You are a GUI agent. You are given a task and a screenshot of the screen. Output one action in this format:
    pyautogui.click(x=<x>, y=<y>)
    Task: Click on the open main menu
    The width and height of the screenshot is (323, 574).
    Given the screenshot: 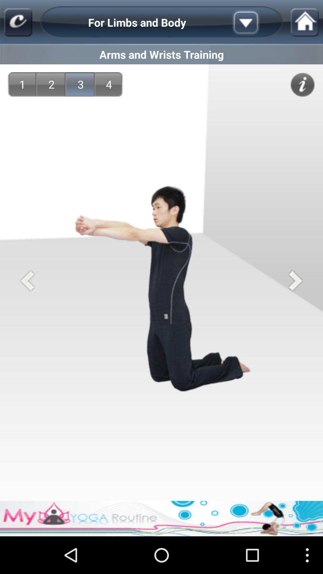 What is the action you would take?
    pyautogui.click(x=18, y=22)
    